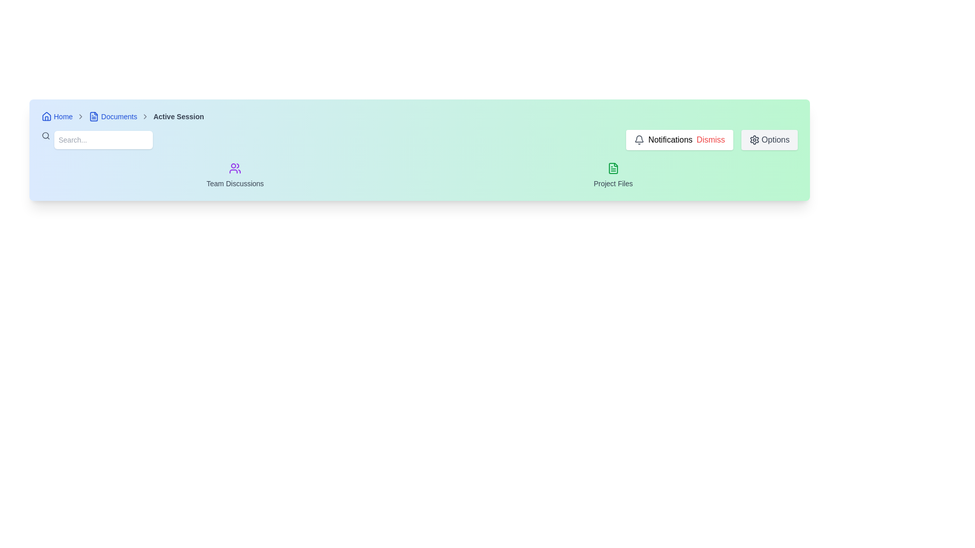 The image size is (975, 548). Describe the element at coordinates (46, 115) in the screenshot. I see `the house icon in the breadcrumb navigation bar` at that location.